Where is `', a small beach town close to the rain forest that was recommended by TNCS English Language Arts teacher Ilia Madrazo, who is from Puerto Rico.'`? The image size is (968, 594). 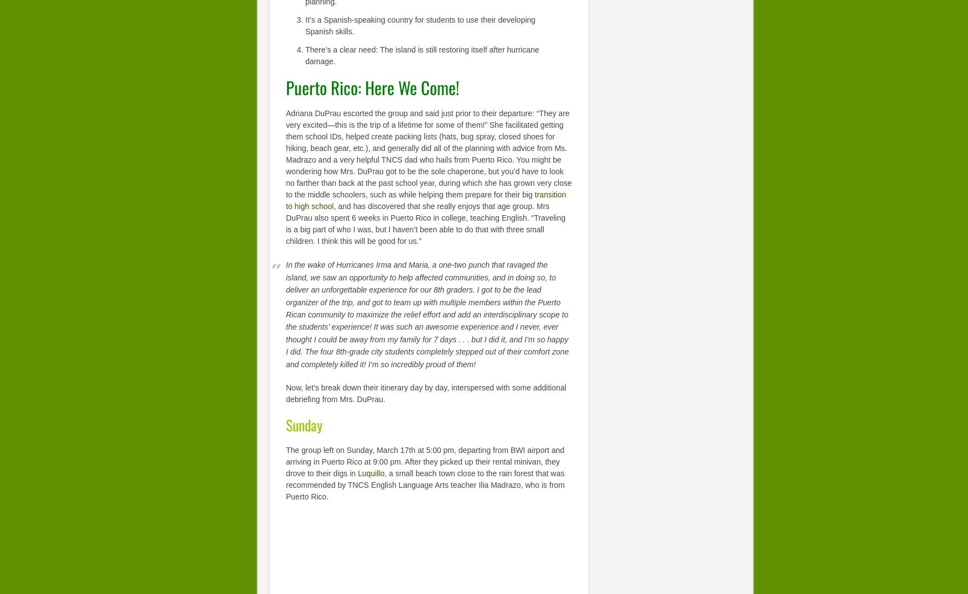
', a small beach town close to the rain forest that was recommended by TNCS English Language Arts teacher Ilia Madrazo, who is from Puerto Rico.' is located at coordinates (424, 484).